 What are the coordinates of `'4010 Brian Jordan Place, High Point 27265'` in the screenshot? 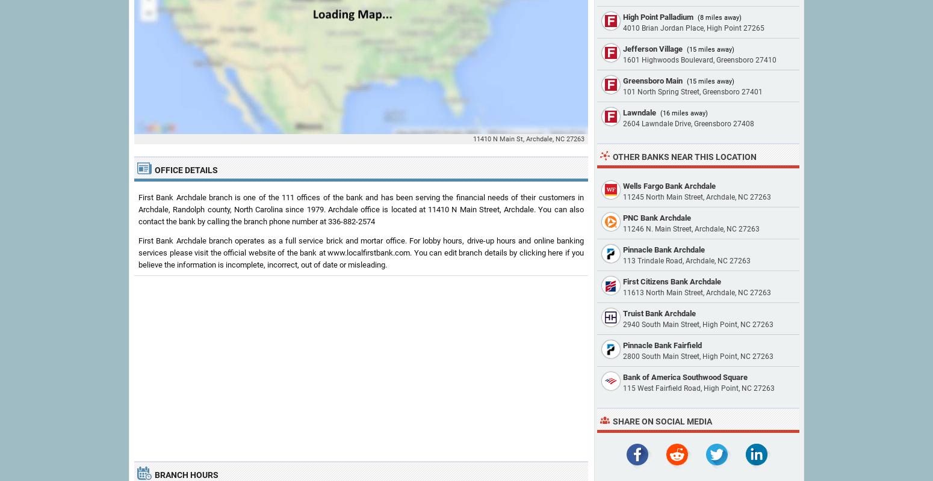 It's located at (693, 28).